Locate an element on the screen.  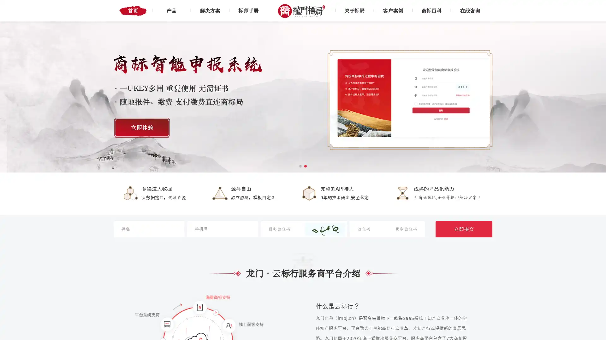
Go to slide 1 is located at coordinates (300, 166).